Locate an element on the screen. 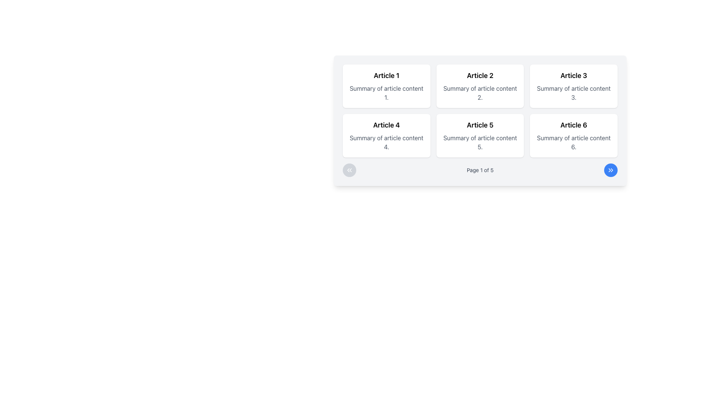 The image size is (720, 405). the article summary card located in the second row, first column of the grid layout is located at coordinates (386, 136).